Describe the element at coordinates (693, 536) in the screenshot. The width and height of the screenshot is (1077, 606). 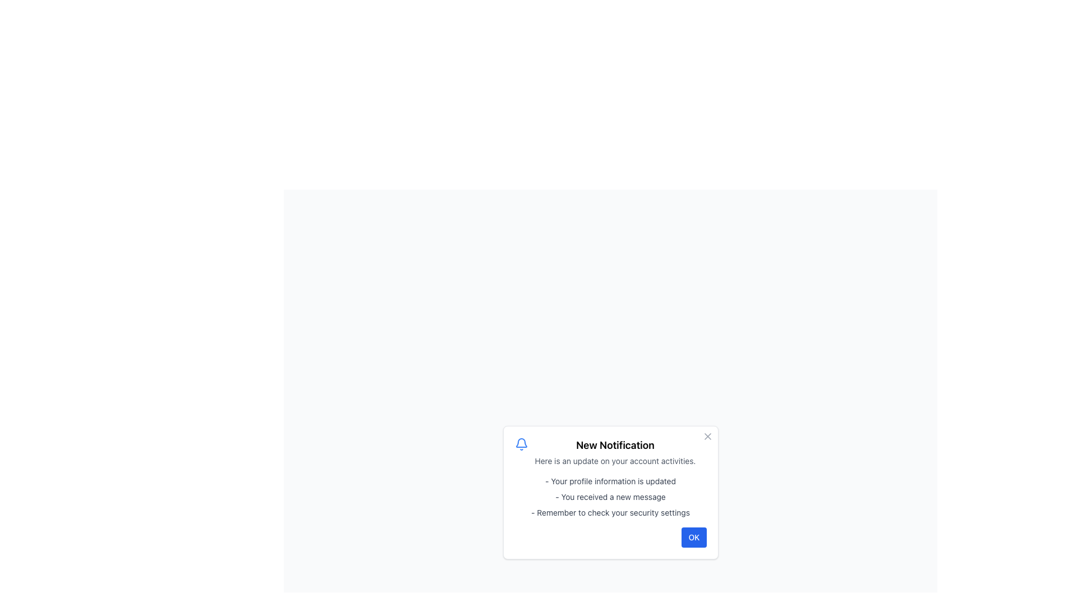
I see `the confirmation button located in the bottom-right corner of the notification dialog` at that location.